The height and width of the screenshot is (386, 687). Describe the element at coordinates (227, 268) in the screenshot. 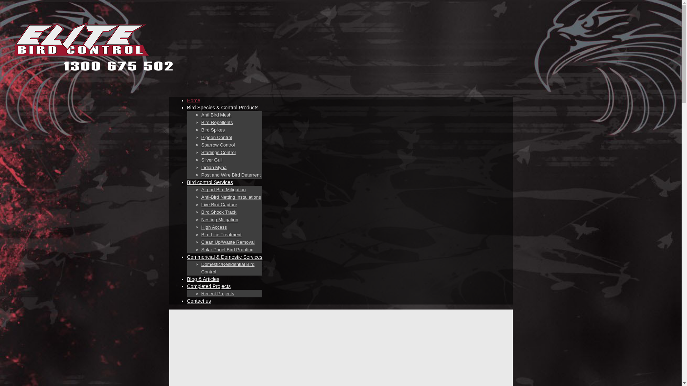

I see `'Domestic/Residential Bird Control'` at that location.